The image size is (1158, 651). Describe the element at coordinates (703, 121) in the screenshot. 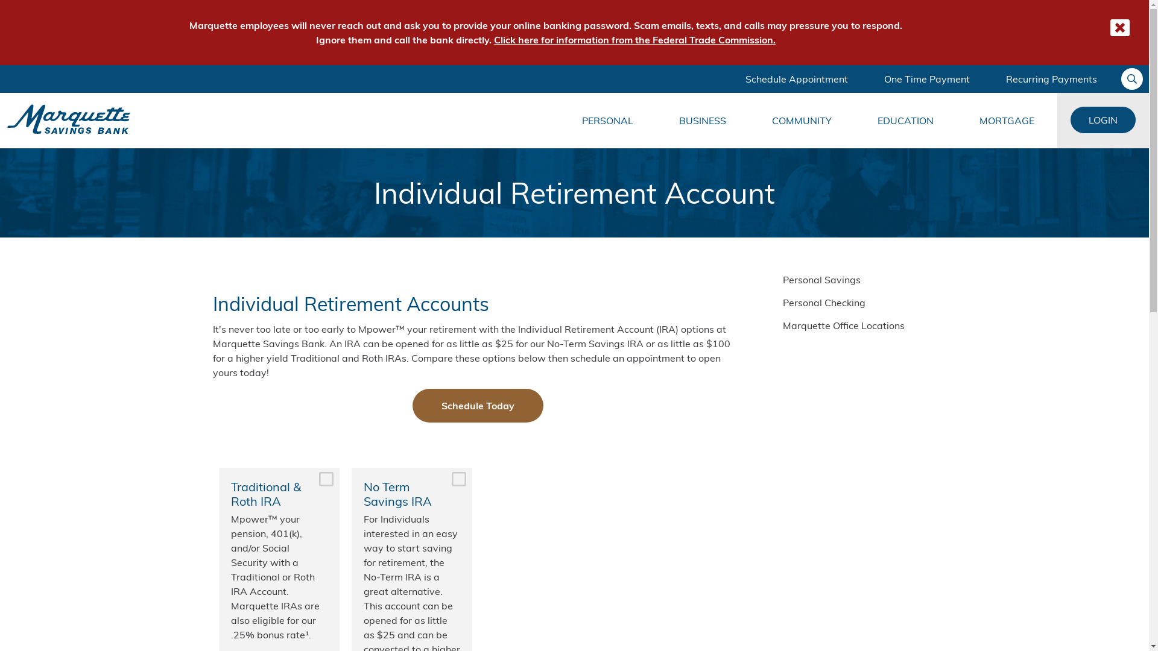

I see `'BUSINESS'` at that location.